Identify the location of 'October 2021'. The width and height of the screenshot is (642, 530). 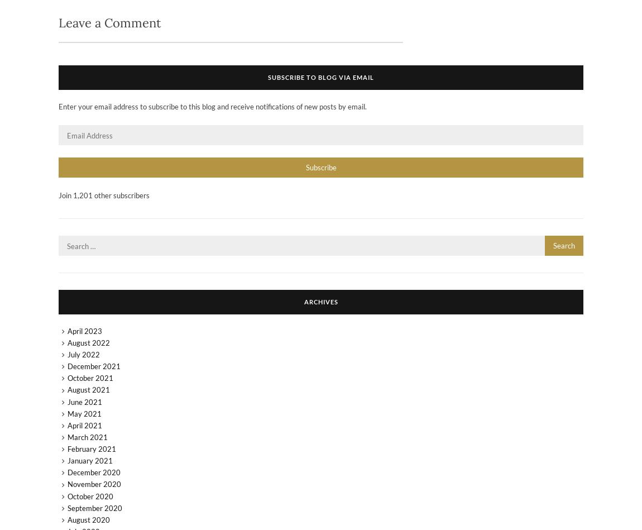
(66, 378).